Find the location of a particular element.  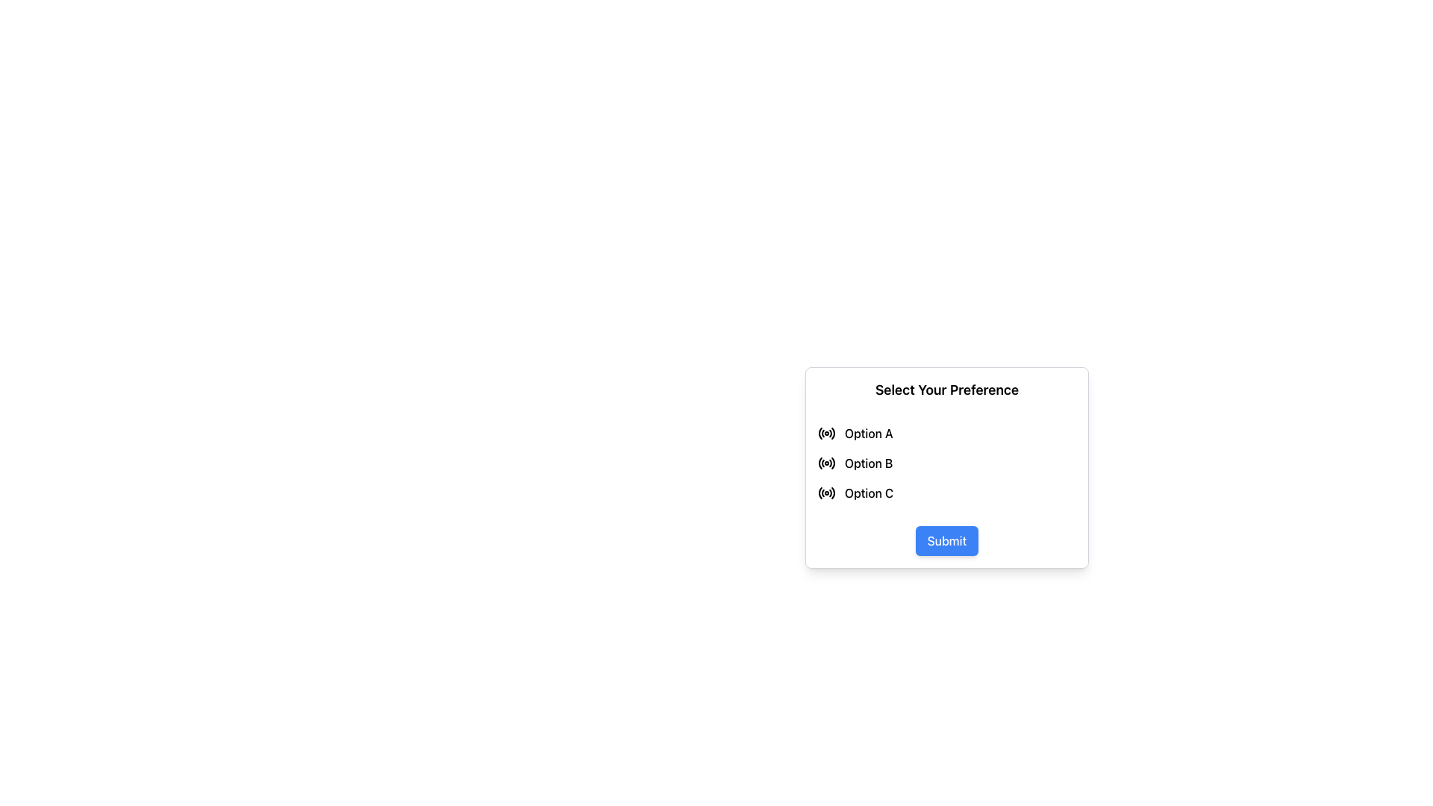

the text label for 'Option B', which is aligned to the right of the corresponding radio button in a vertical list of options is located at coordinates (869, 463).